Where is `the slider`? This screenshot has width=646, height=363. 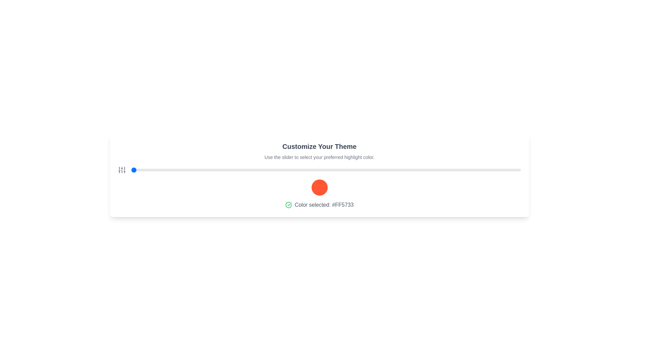 the slider is located at coordinates (142, 169).